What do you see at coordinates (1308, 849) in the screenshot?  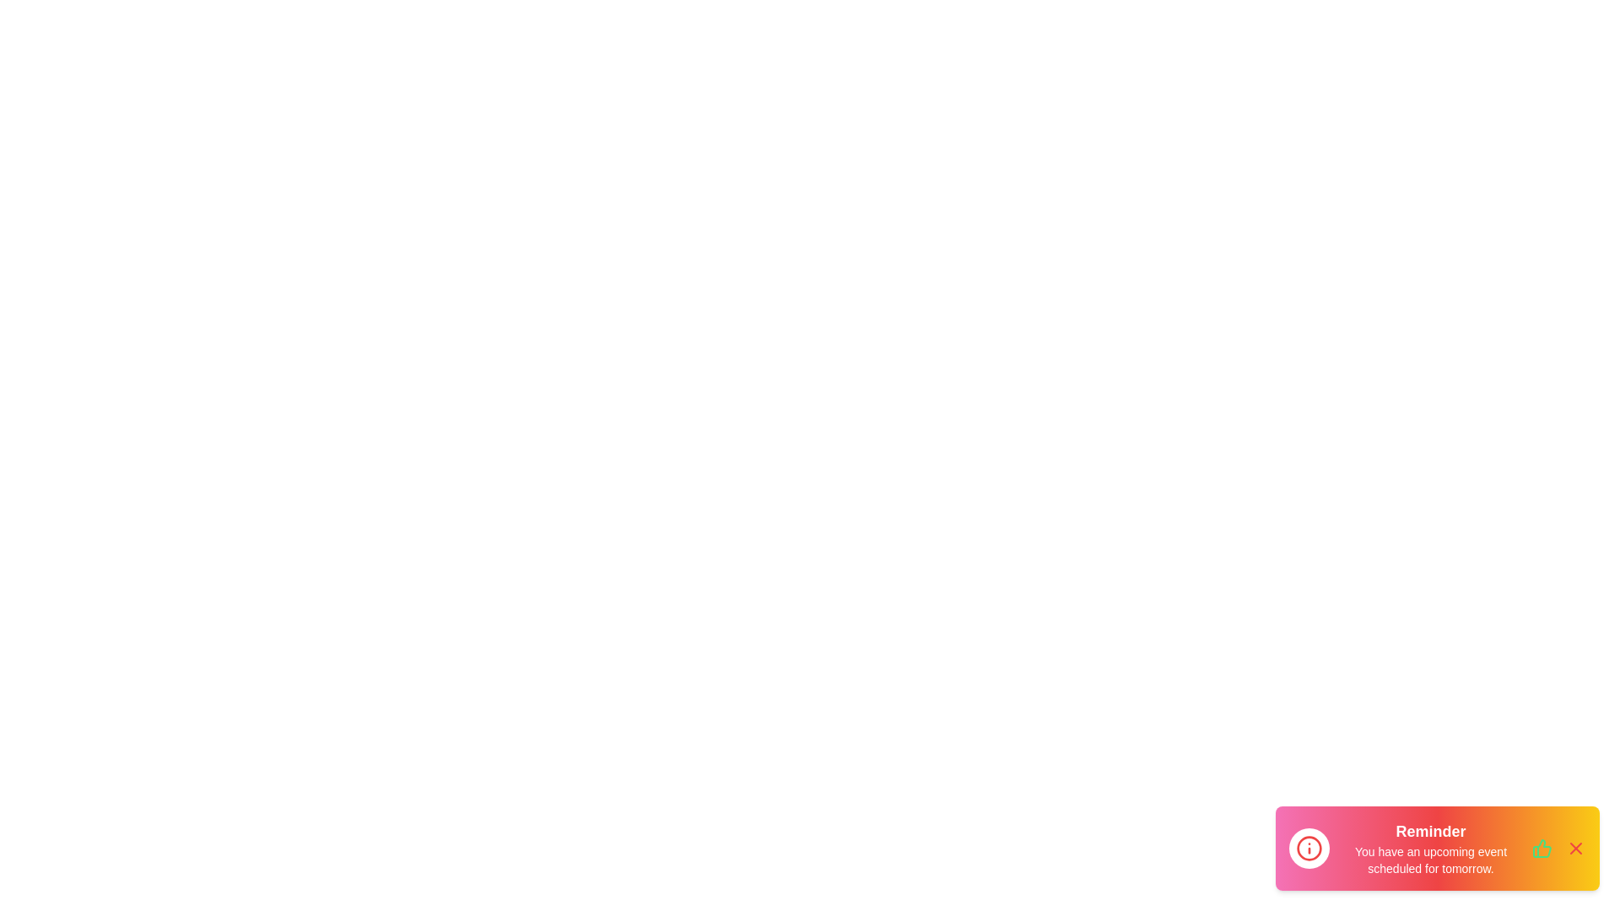 I see `the notification icon to trigger its associated action` at bounding box center [1308, 849].